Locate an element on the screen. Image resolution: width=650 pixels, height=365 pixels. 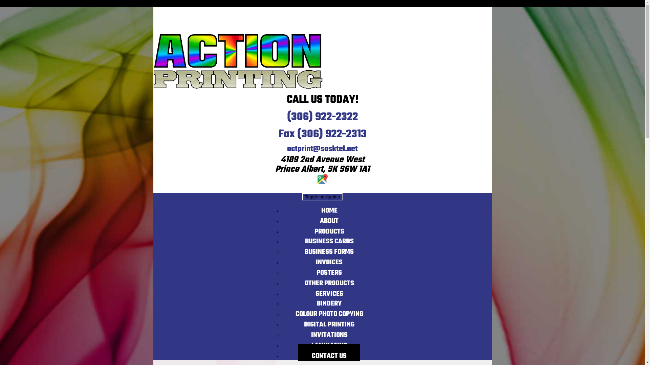
'LAMINATING' is located at coordinates (329, 342).